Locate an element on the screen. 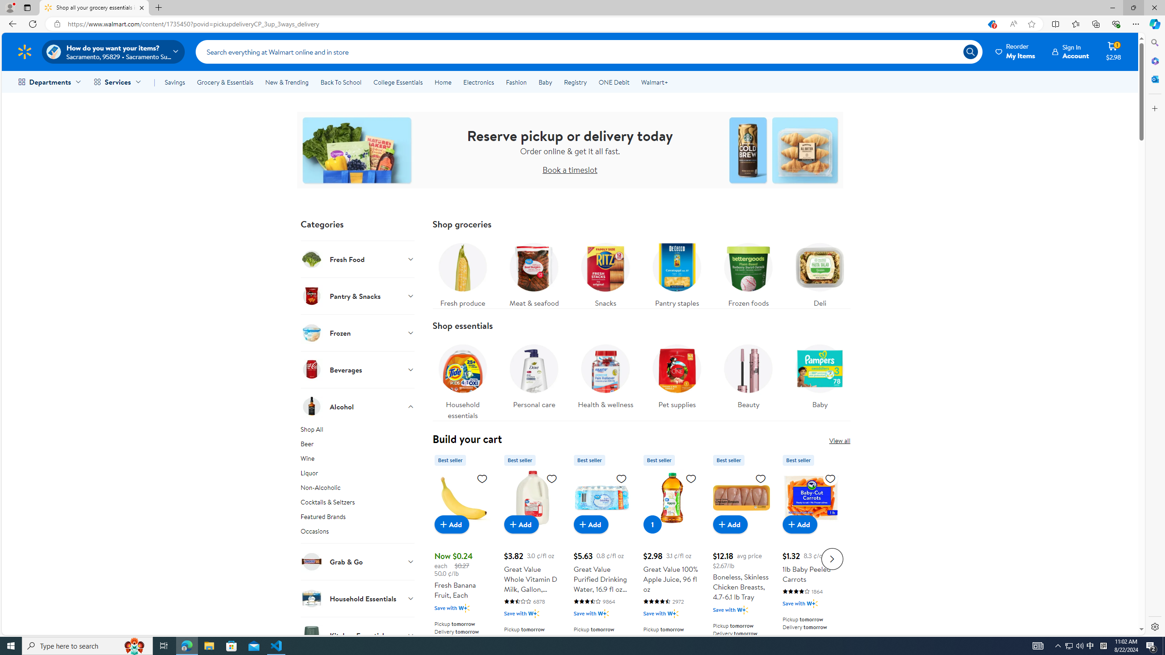 Image resolution: width=1165 pixels, height=655 pixels. 'Sign in to add to Favorites list, 1lb Baby Peeled Carrots' is located at coordinates (830, 478).